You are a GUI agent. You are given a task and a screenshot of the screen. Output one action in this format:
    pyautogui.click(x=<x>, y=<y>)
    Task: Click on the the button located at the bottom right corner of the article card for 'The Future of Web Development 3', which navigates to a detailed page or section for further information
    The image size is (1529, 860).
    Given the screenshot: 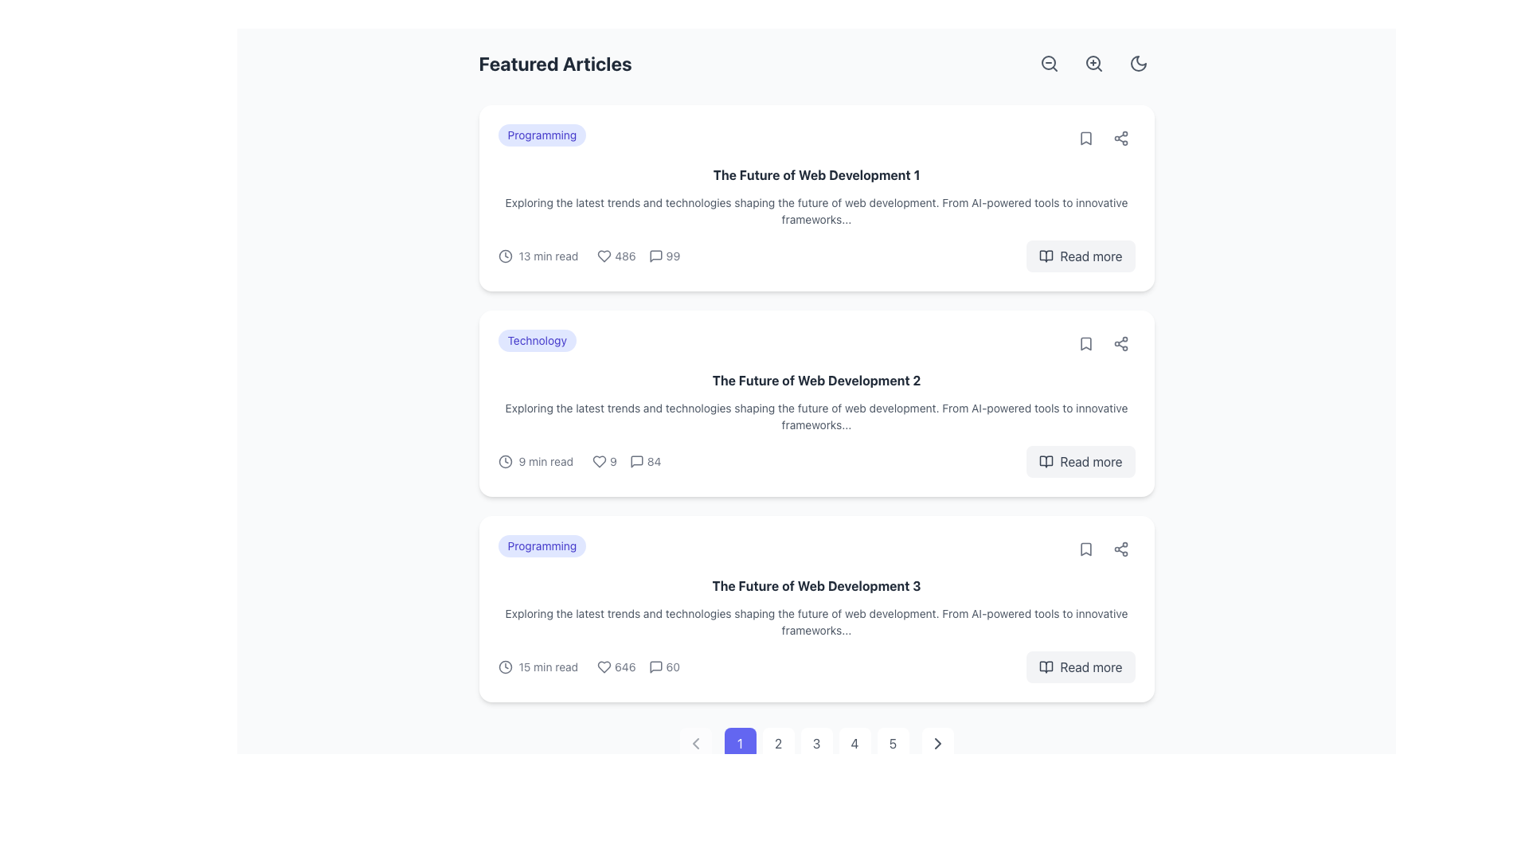 What is the action you would take?
    pyautogui.click(x=1081, y=666)
    